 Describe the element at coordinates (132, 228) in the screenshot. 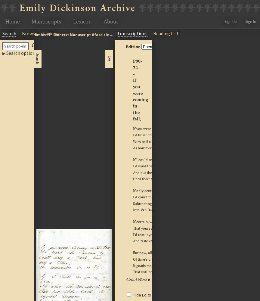

I see `'That yours and mine should be,'` at that location.